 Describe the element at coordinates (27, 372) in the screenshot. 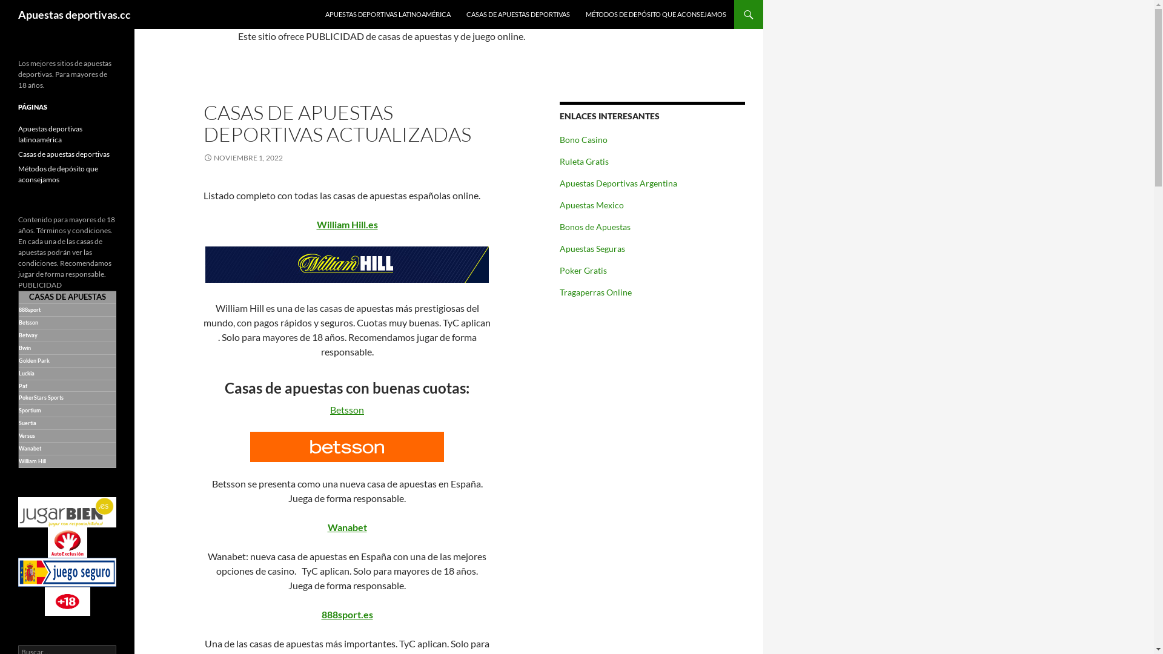

I see `'Luckia'` at that location.